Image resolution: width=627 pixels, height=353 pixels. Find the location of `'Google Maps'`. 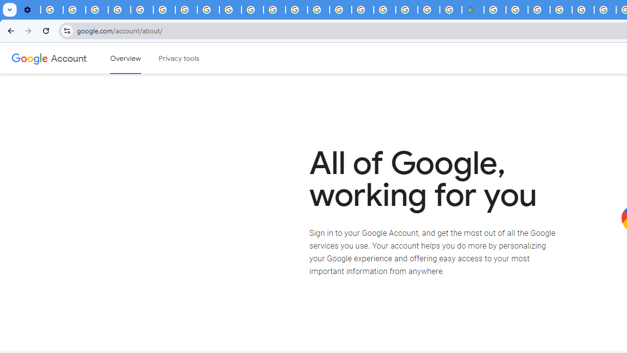

'Google Maps' is located at coordinates (473, 10).